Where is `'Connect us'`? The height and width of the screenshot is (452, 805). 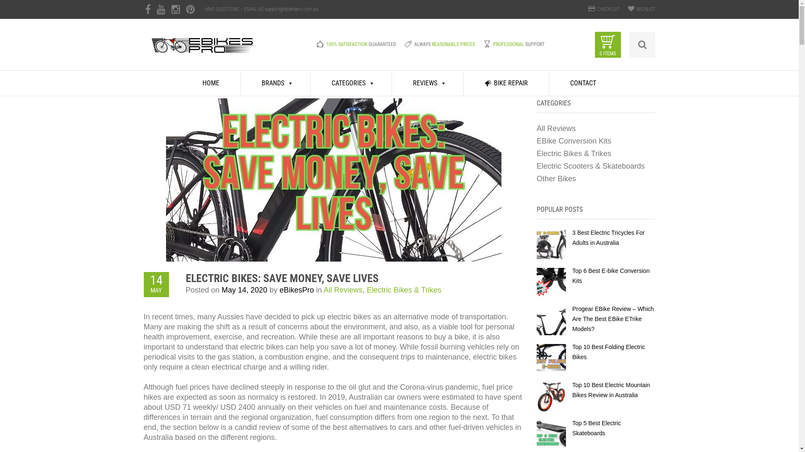 'Connect us' is located at coordinates (161, 10).